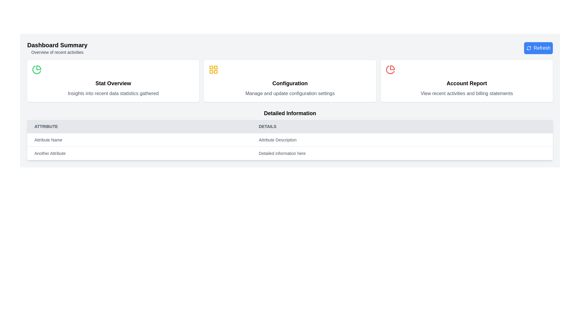 Image resolution: width=575 pixels, height=323 pixels. Describe the element at coordinates (290, 113) in the screenshot. I see `the prominent textual header with the content 'Detailed Information', which is styled in a large, bold font and positioned above a detailed table` at that location.